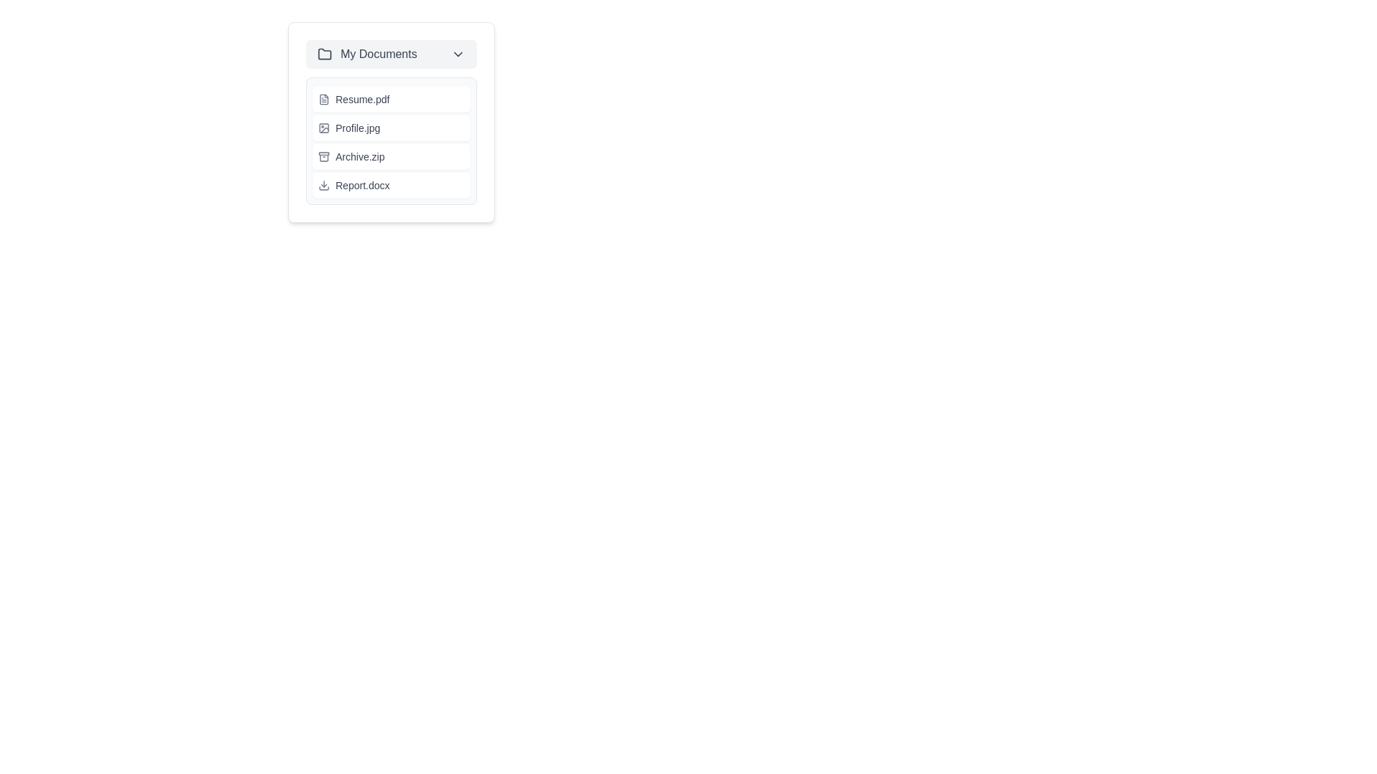  I want to click on the text label displaying the file name, which is positioned to the right of the file icon in the third item of the 'My Documents' section, so click(360, 157).